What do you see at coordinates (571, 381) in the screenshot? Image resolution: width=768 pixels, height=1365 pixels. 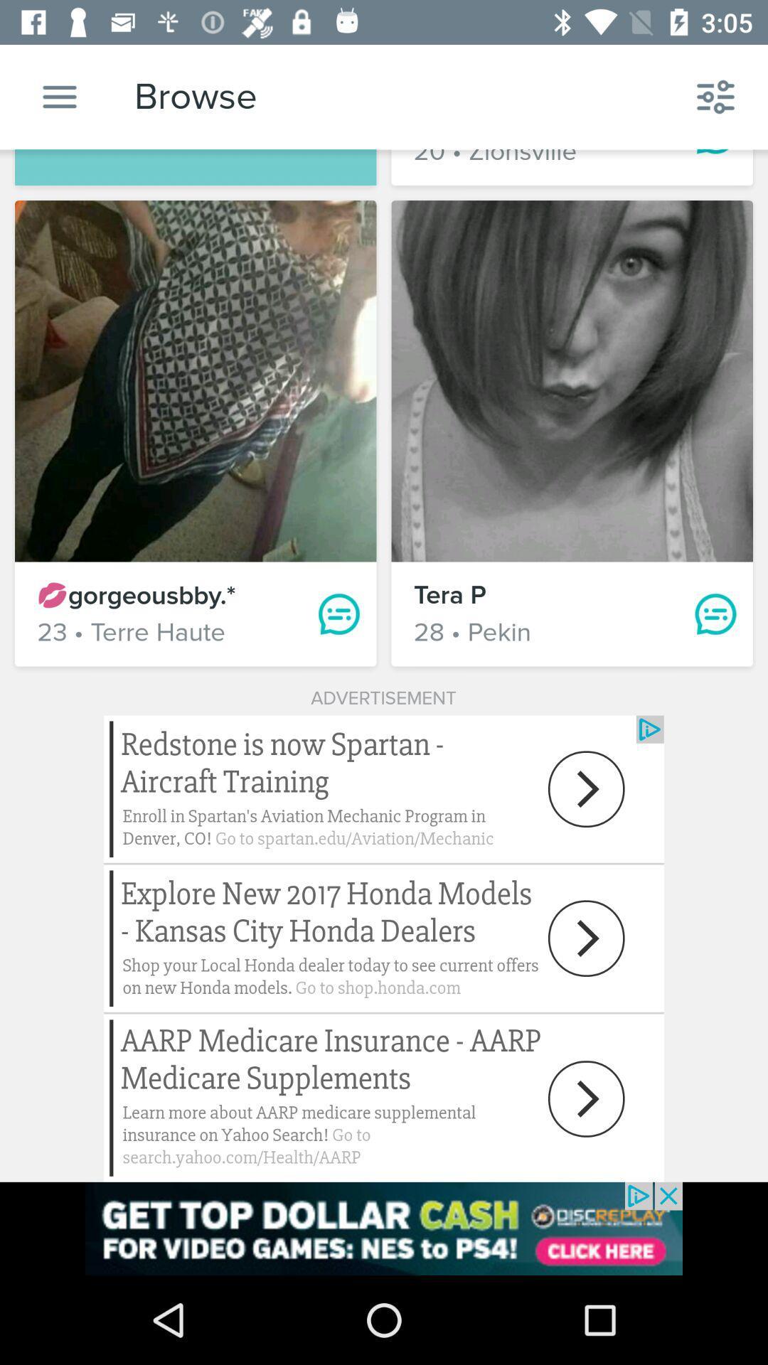 I see `the picture` at bounding box center [571, 381].